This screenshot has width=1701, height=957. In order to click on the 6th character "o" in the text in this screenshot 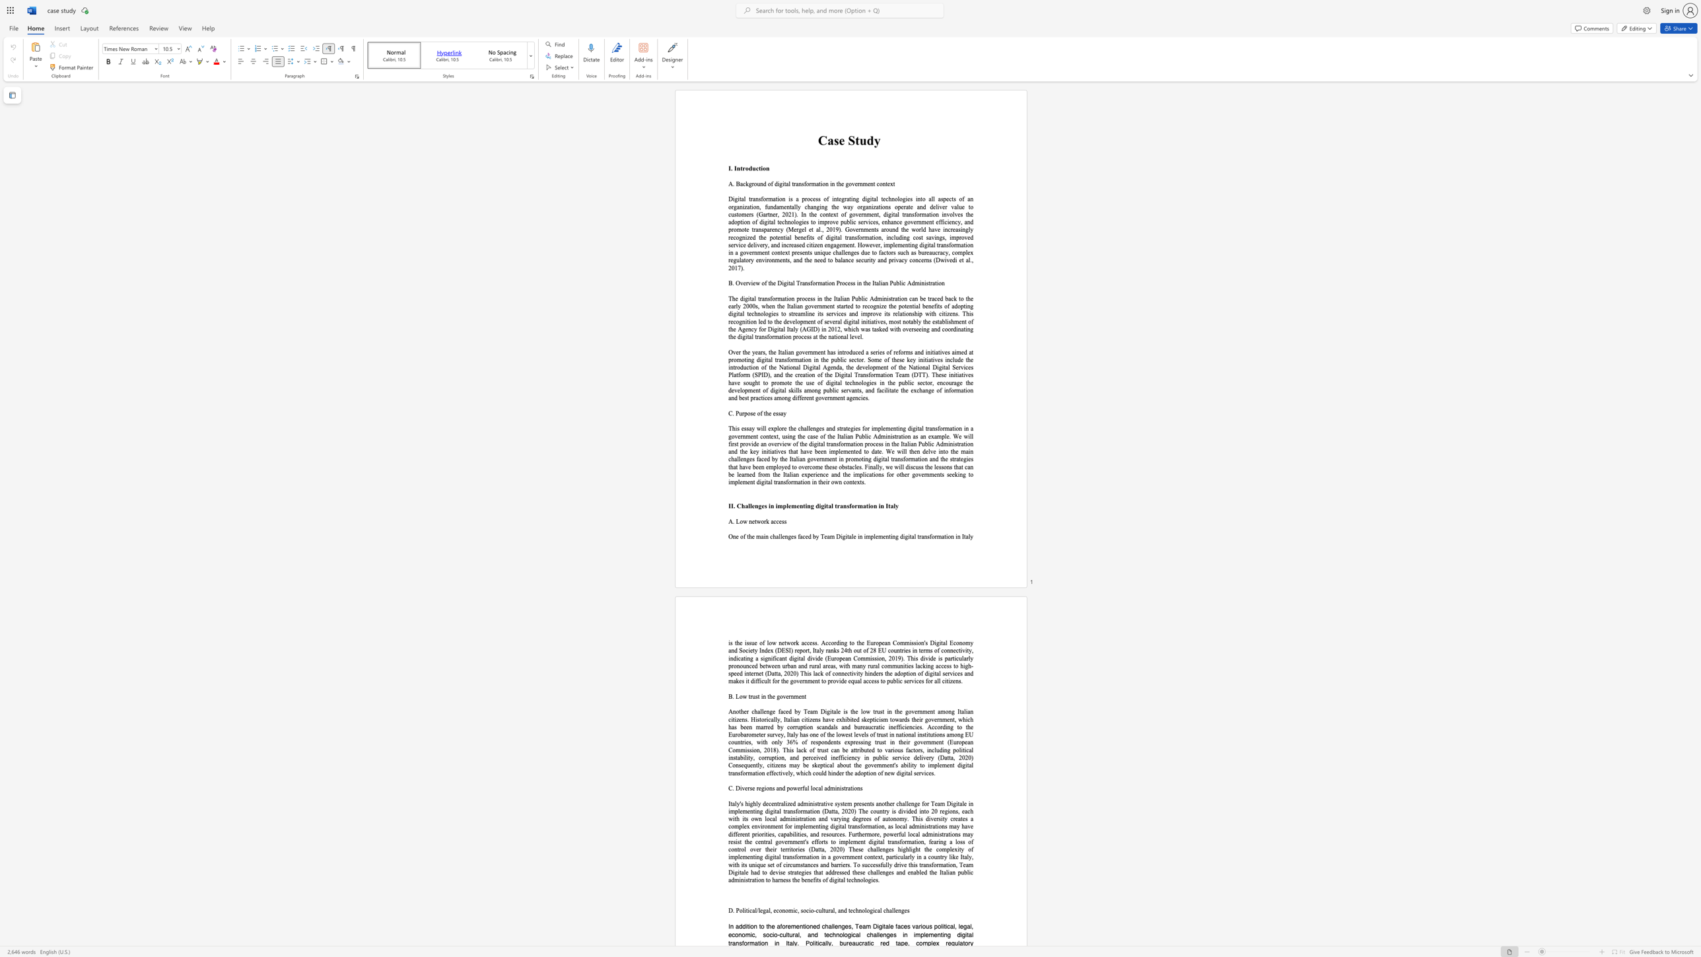, I will do `click(742, 359)`.